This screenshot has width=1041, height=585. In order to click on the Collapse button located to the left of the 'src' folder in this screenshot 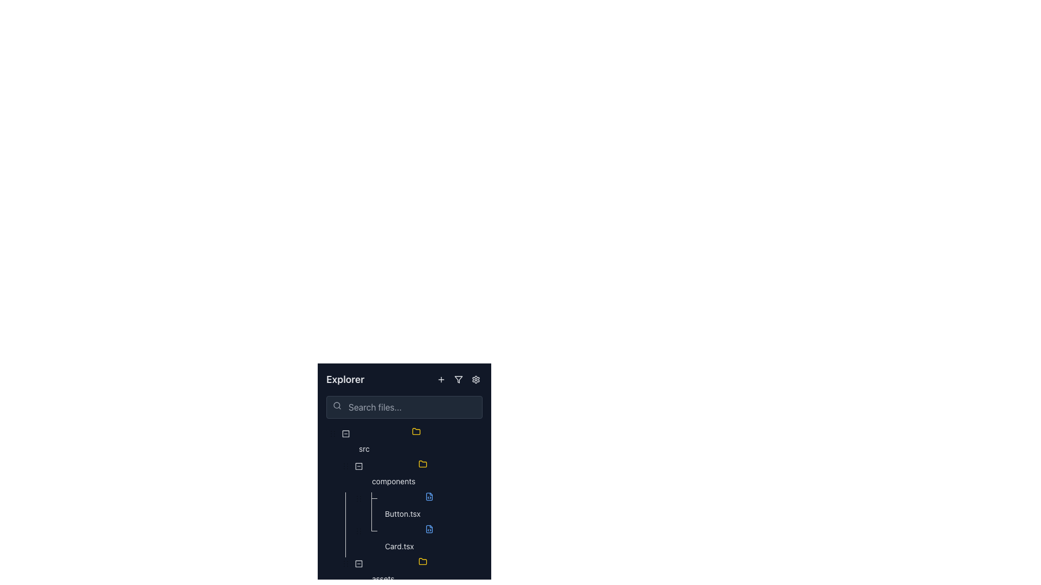, I will do `click(345, 433)`.